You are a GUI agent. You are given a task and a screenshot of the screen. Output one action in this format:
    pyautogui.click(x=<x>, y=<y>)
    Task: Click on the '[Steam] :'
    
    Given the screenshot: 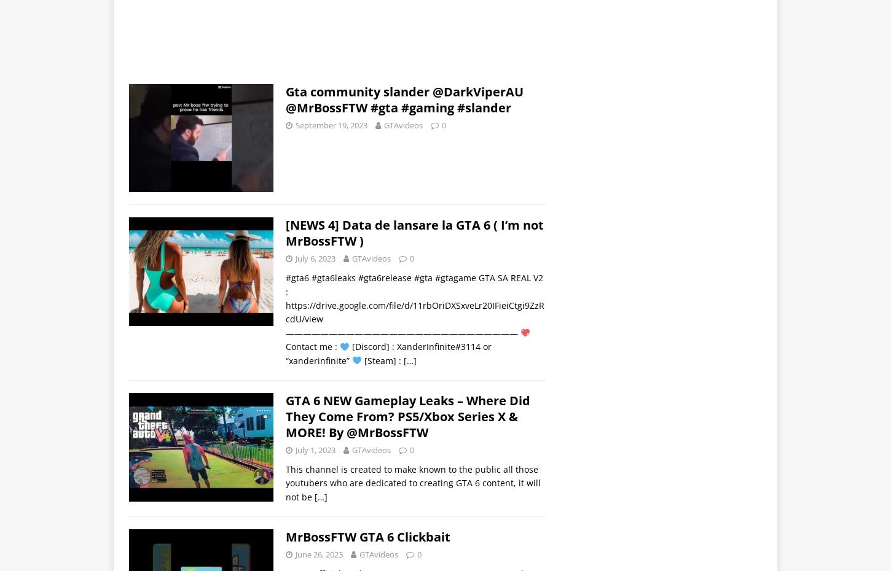 What is the action you would take?
    pyautogui.click(x=382, y=360)
    